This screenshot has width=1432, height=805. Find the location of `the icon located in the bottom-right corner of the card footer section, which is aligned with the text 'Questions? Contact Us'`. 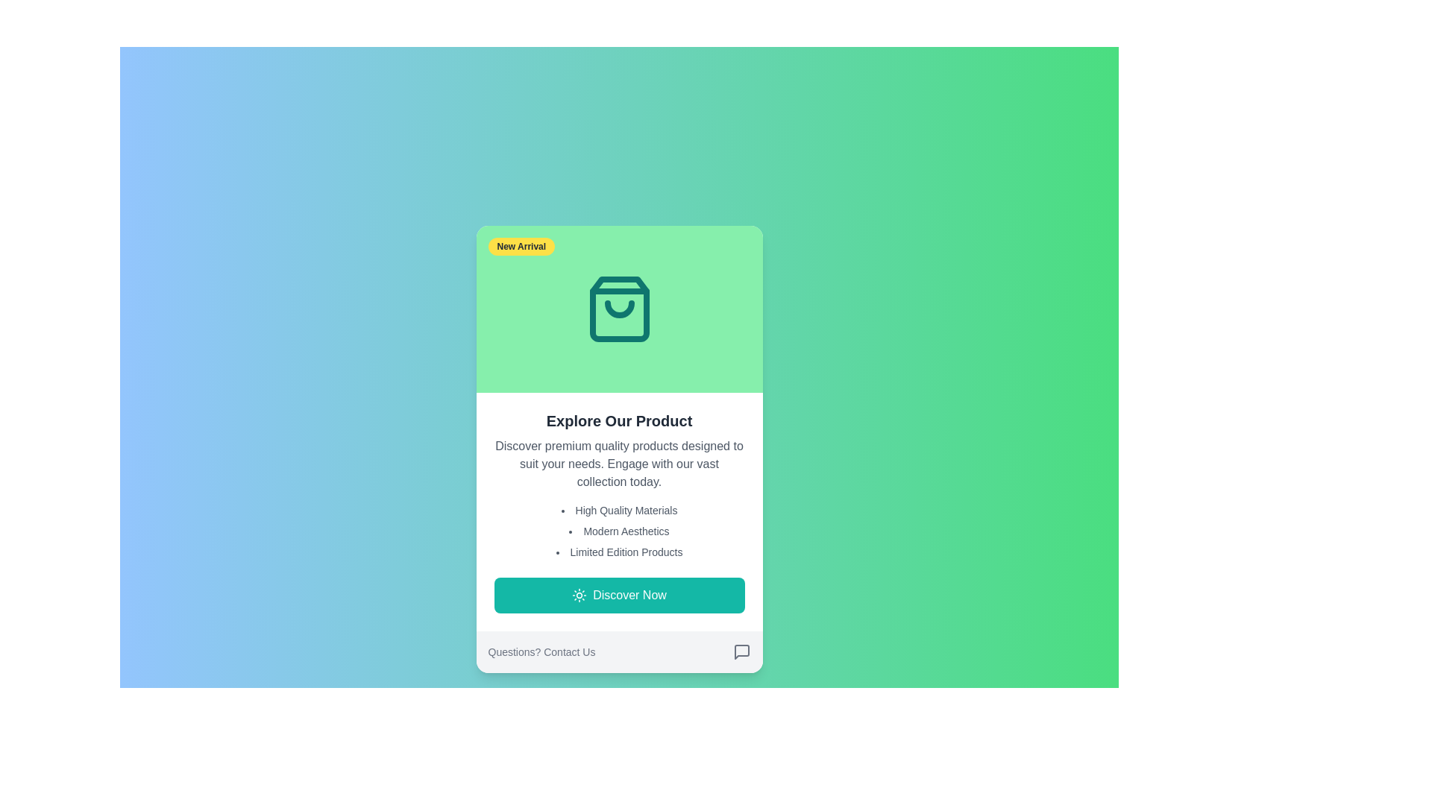

the icon located in the bottom-right corner of the card footer section, which is aligned with the text 'Questions? Contact Us' is located at coordinates (741, 651).